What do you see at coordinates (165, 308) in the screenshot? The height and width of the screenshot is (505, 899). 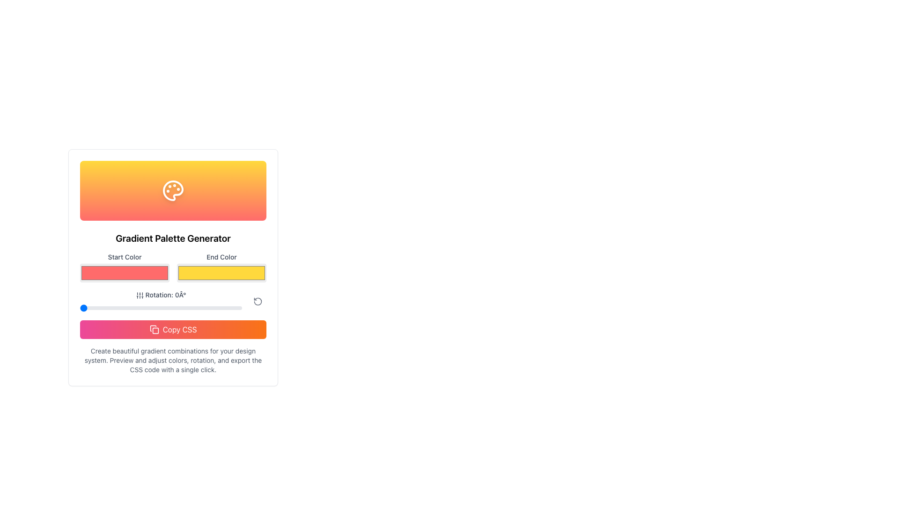 I see `rotation` at bounding box center [165, 308].